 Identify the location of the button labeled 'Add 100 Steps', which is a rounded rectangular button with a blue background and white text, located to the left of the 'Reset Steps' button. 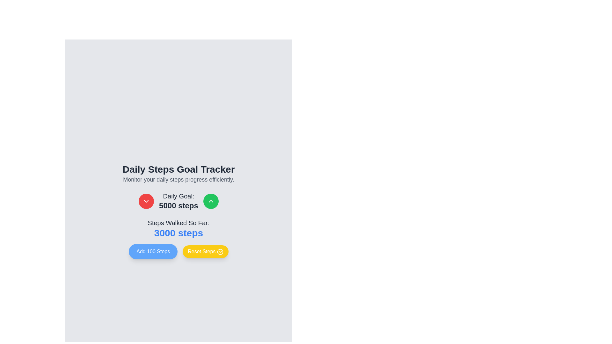
(153, 251).